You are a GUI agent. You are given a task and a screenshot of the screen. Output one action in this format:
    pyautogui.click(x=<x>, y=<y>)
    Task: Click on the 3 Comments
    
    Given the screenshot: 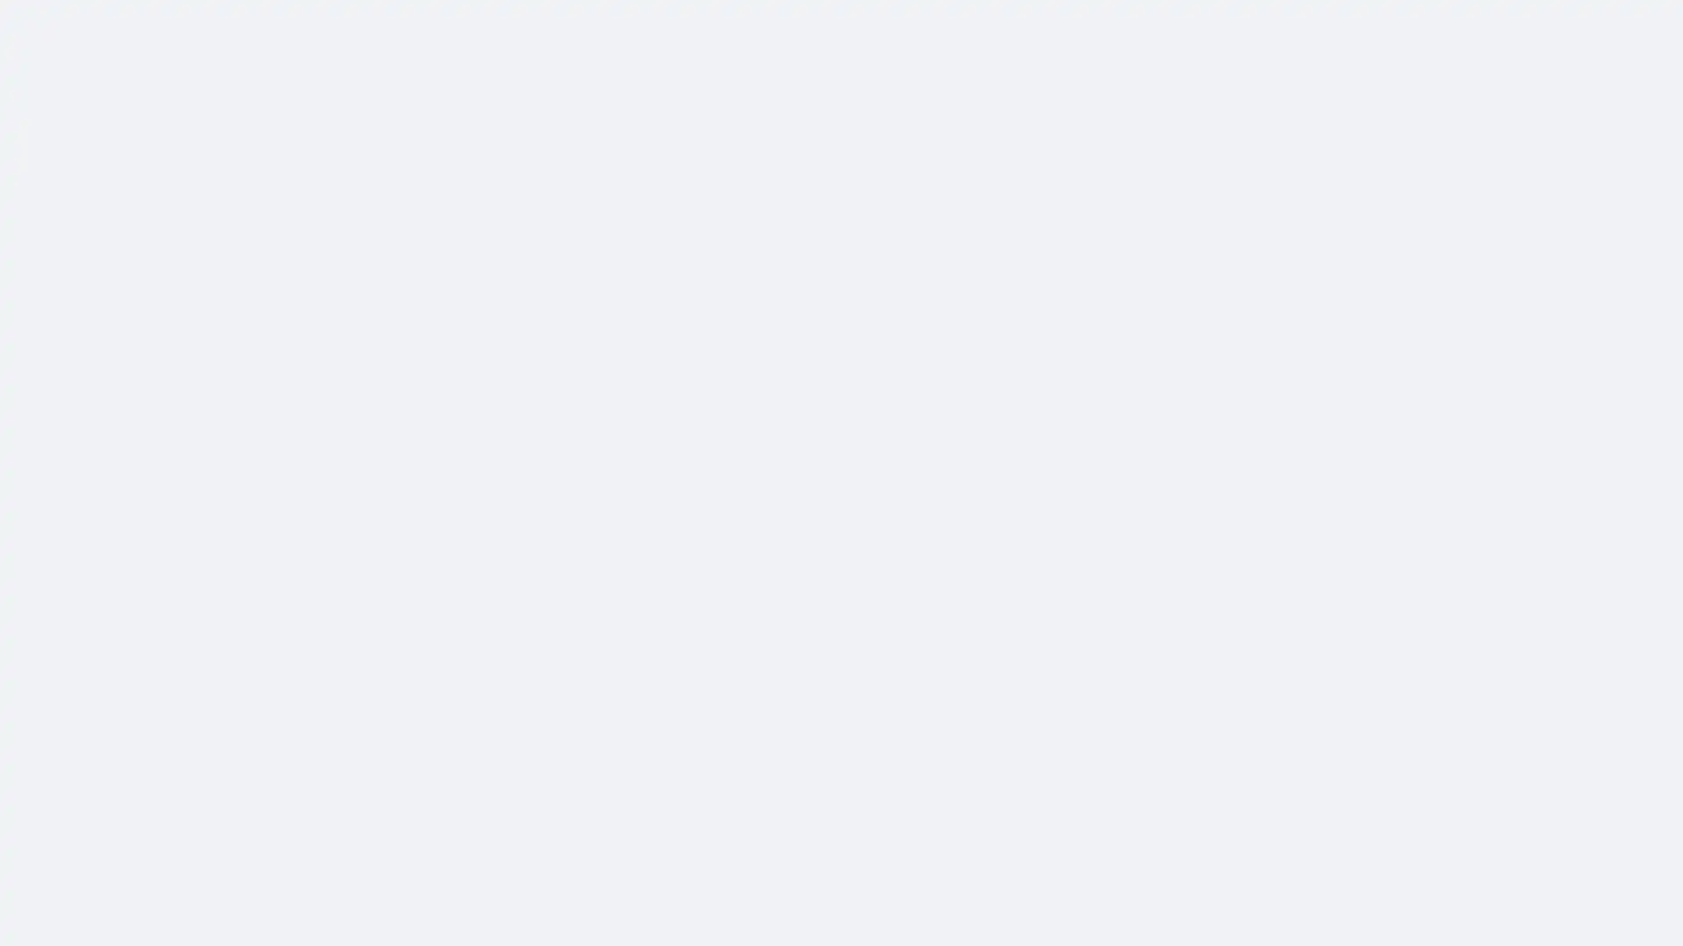 What is the action you would take?
    pyautogui.click(x=1168, y=422)
    